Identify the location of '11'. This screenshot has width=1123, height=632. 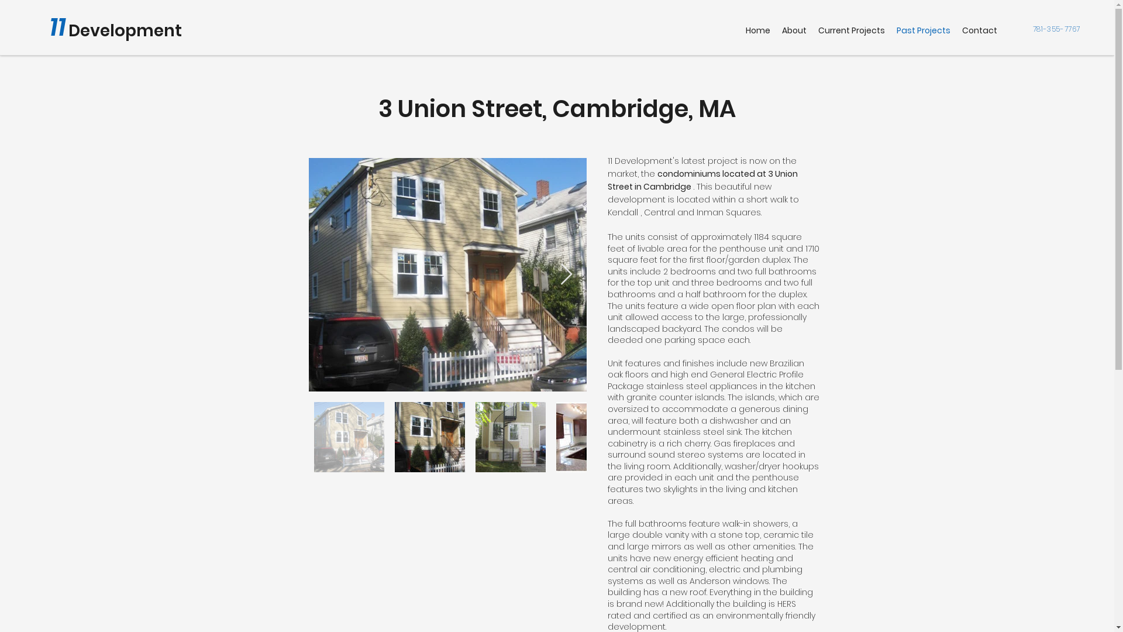
(57, 26).